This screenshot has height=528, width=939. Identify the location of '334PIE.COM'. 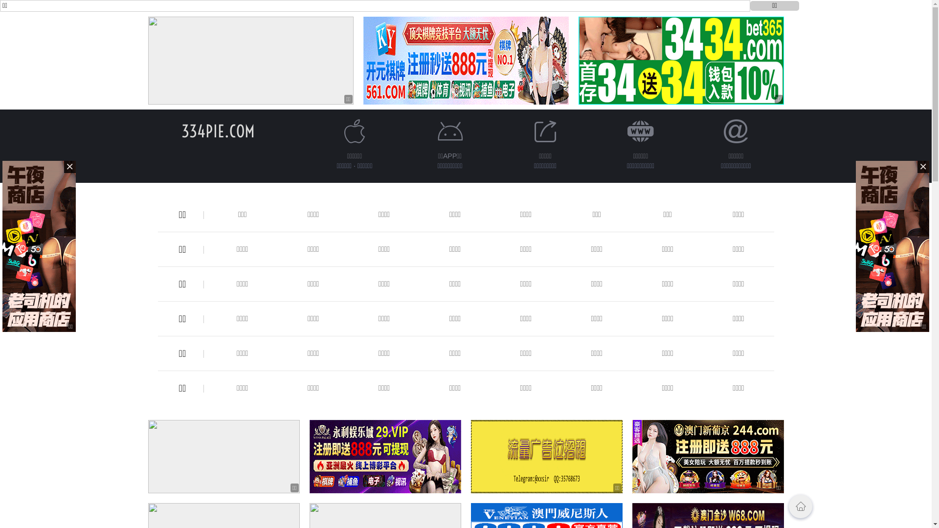
(217, 131).